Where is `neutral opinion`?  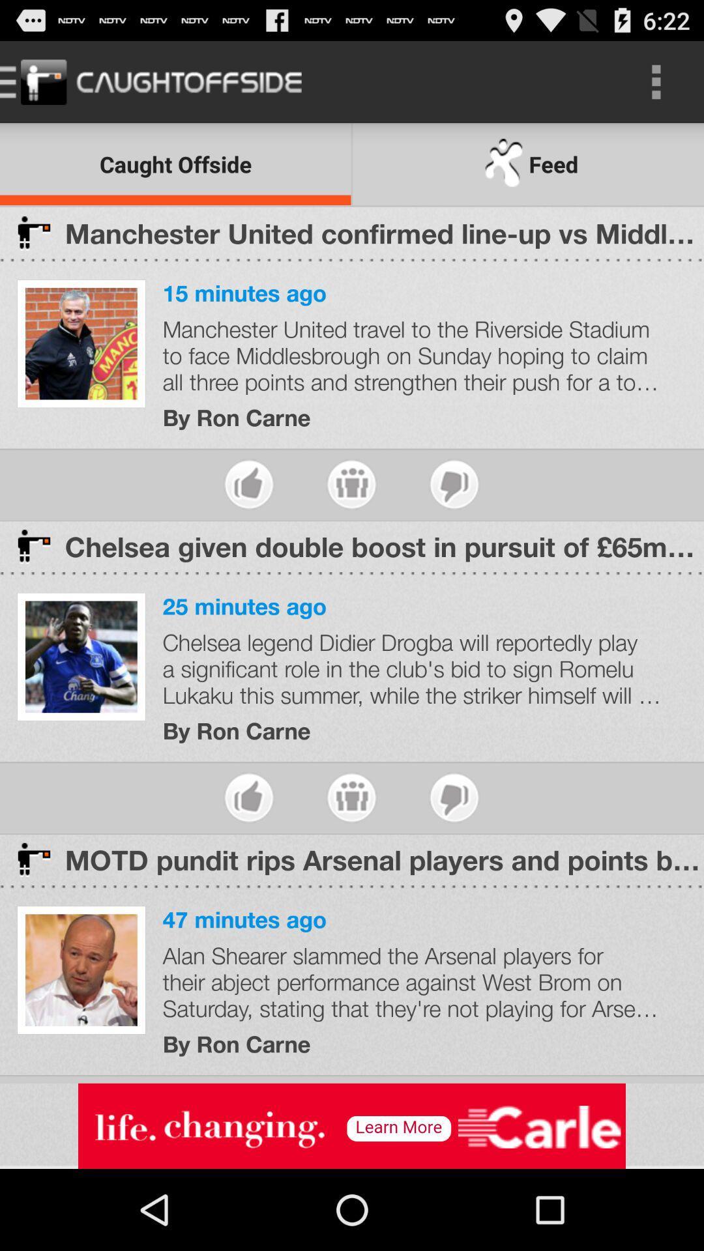
neutral opinion is located at coordinates (351, 797).